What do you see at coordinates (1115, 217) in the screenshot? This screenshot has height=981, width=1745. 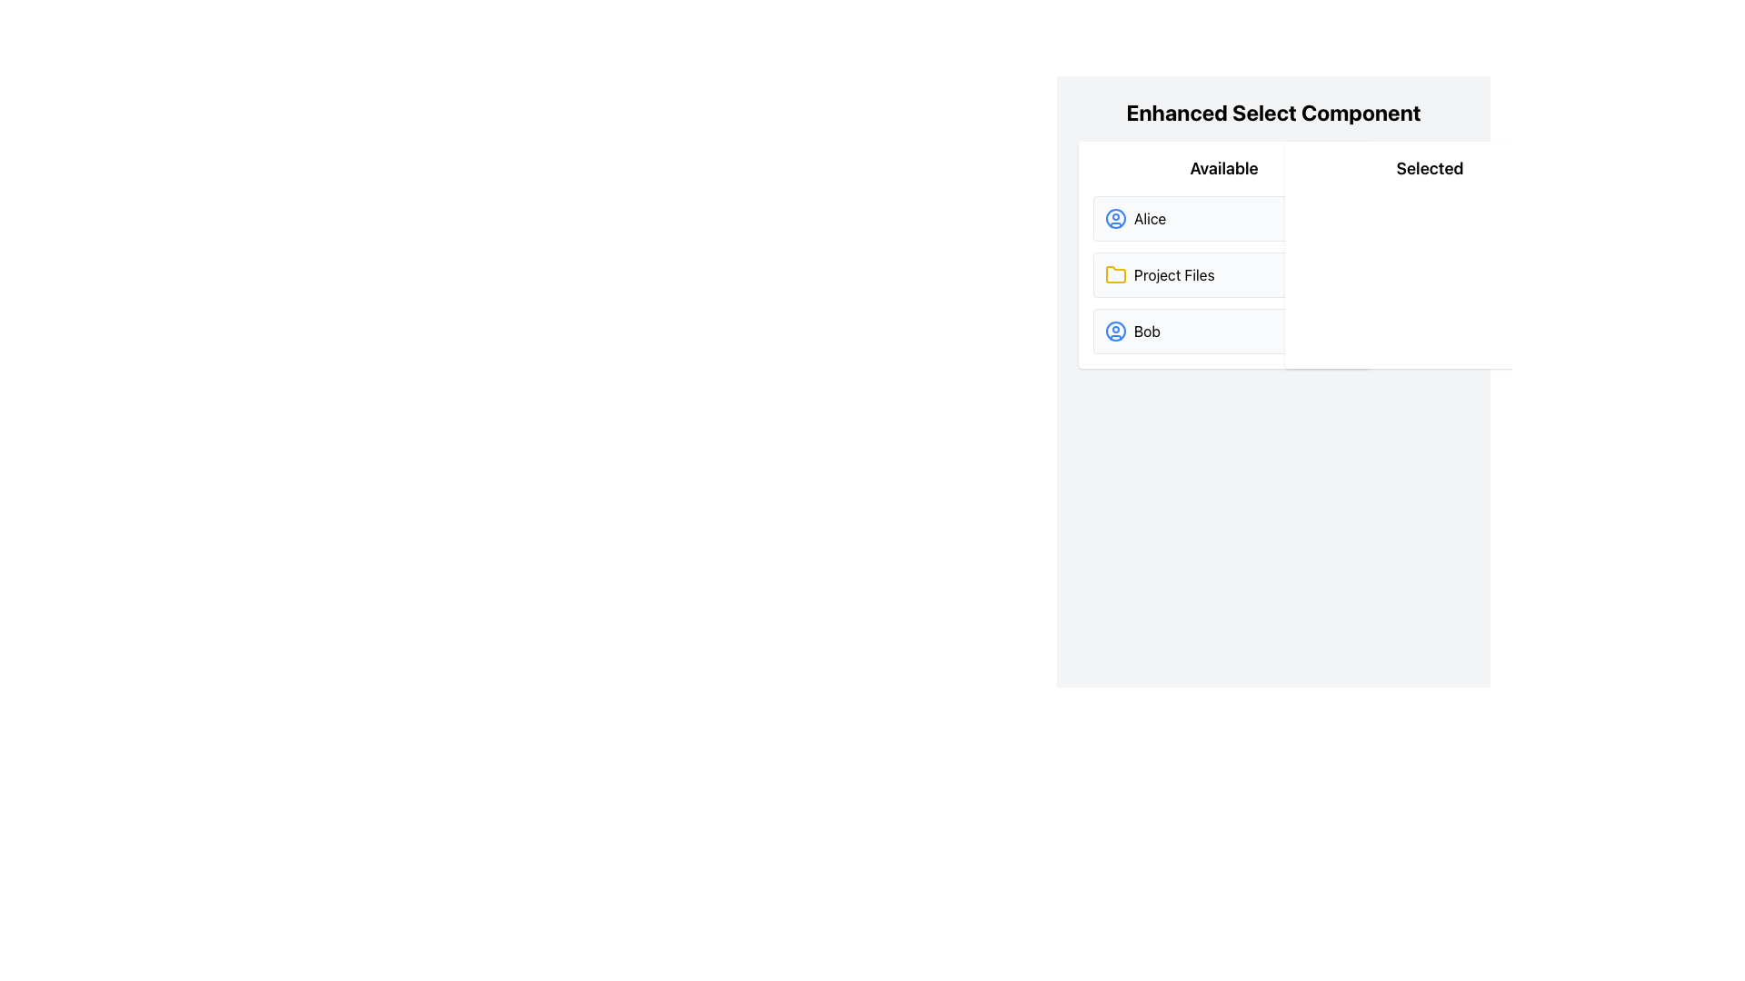 I see `the blue circular user icon next to the name 'Alice' in the 'Available' section of the 'Enhanced Select Component' interface` at bounding box center [1115, 217].